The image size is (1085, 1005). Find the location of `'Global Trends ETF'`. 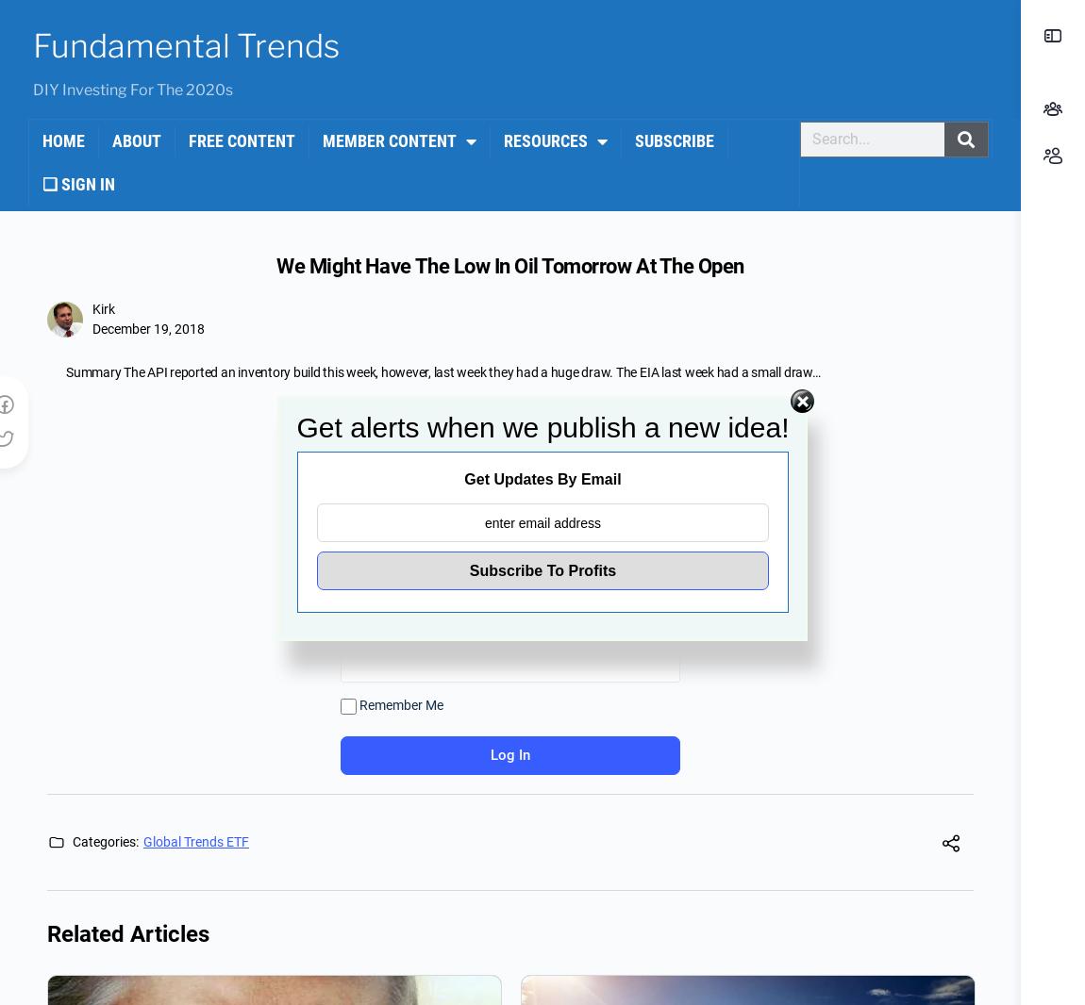

'Global Trends ETF' is located at coordinates (195, 841).